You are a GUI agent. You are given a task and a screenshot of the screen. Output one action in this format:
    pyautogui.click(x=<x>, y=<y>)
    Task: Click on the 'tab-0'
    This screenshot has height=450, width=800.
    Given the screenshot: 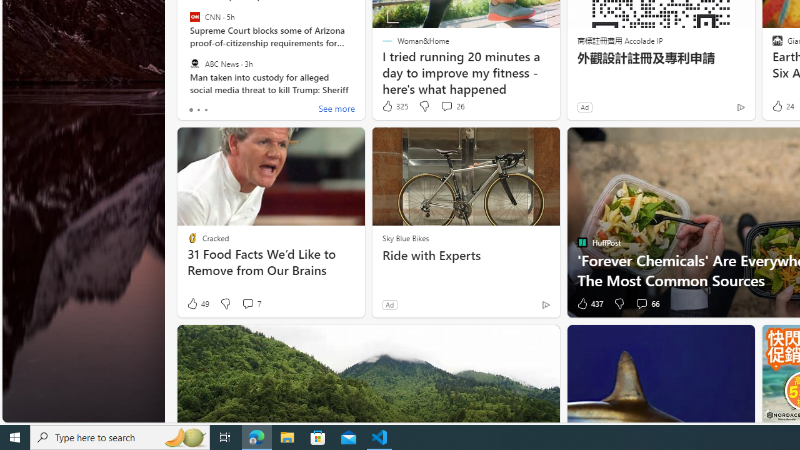 What is the action you would take?
    pyautogui.click(x=190, y=109)
    